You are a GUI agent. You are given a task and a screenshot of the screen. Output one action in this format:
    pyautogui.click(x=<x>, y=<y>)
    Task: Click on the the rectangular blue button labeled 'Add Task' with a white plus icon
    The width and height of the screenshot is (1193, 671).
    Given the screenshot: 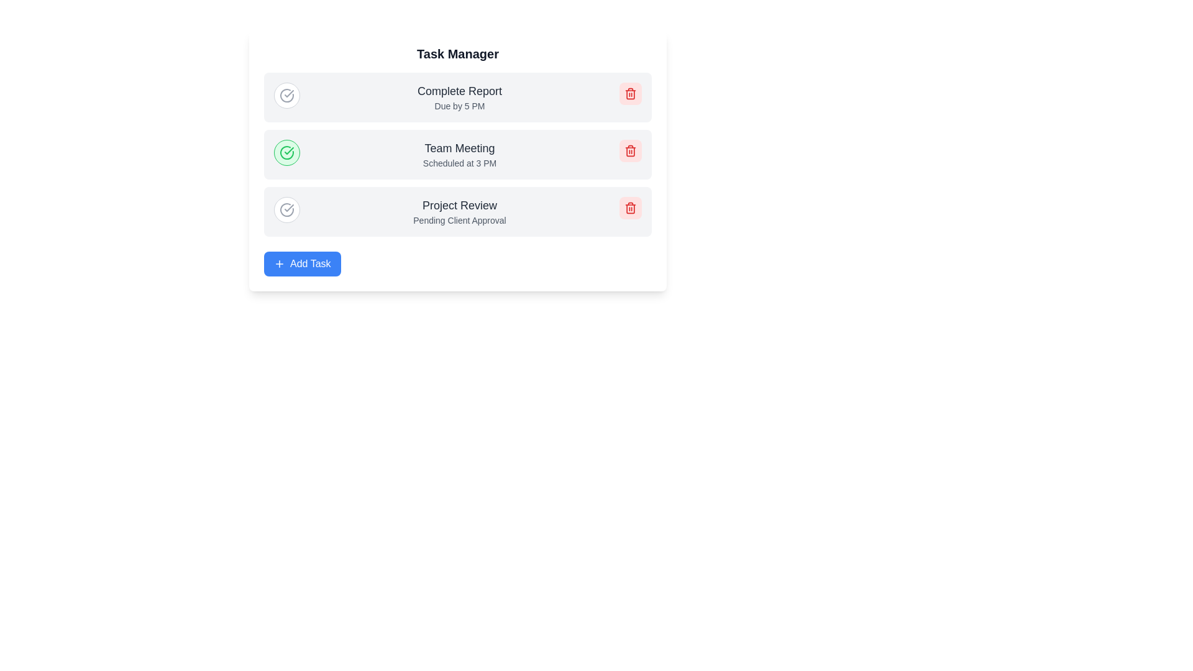 What is the action you would take?
    pyautogui.click(x=302, y=263)
    